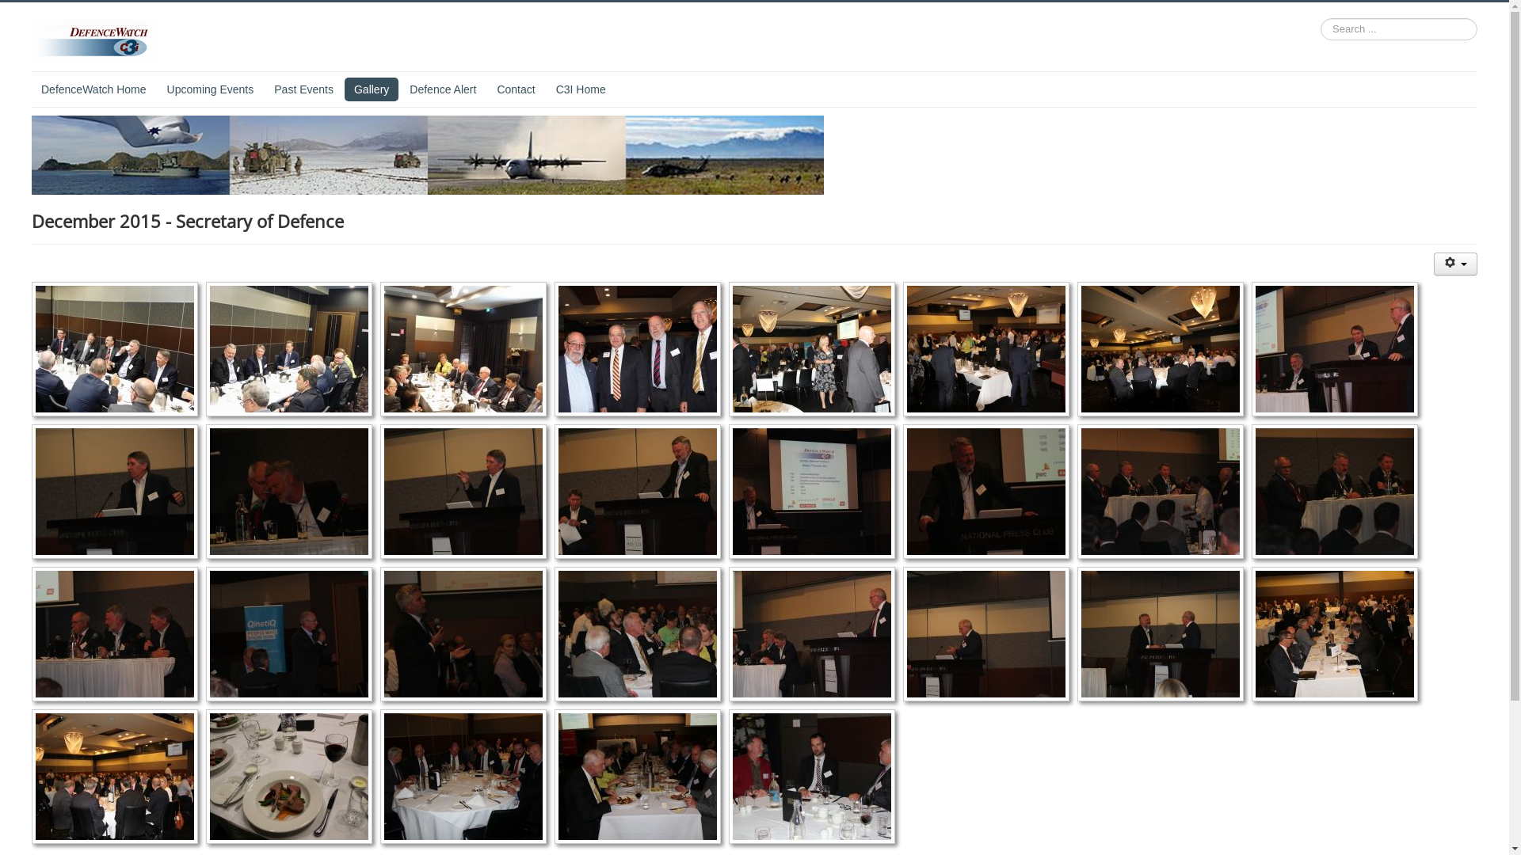 This screenshot has width=1521, height=855. Describe the element at coordinates (209, 89) in the screenshot. I see `'Upcoming Events'` at that location.